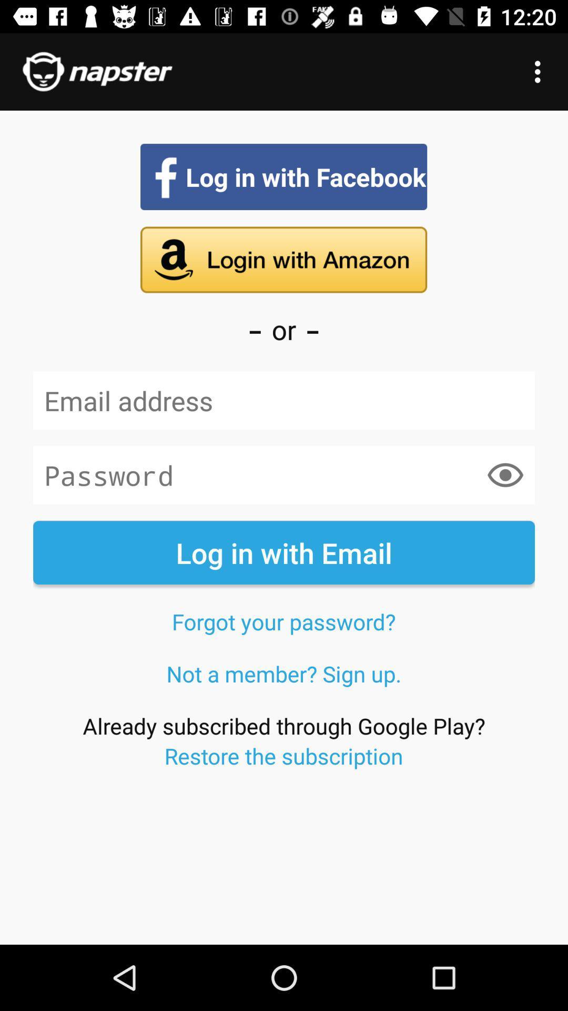  I want to click on log in with your facebook account, so click(283, 177).